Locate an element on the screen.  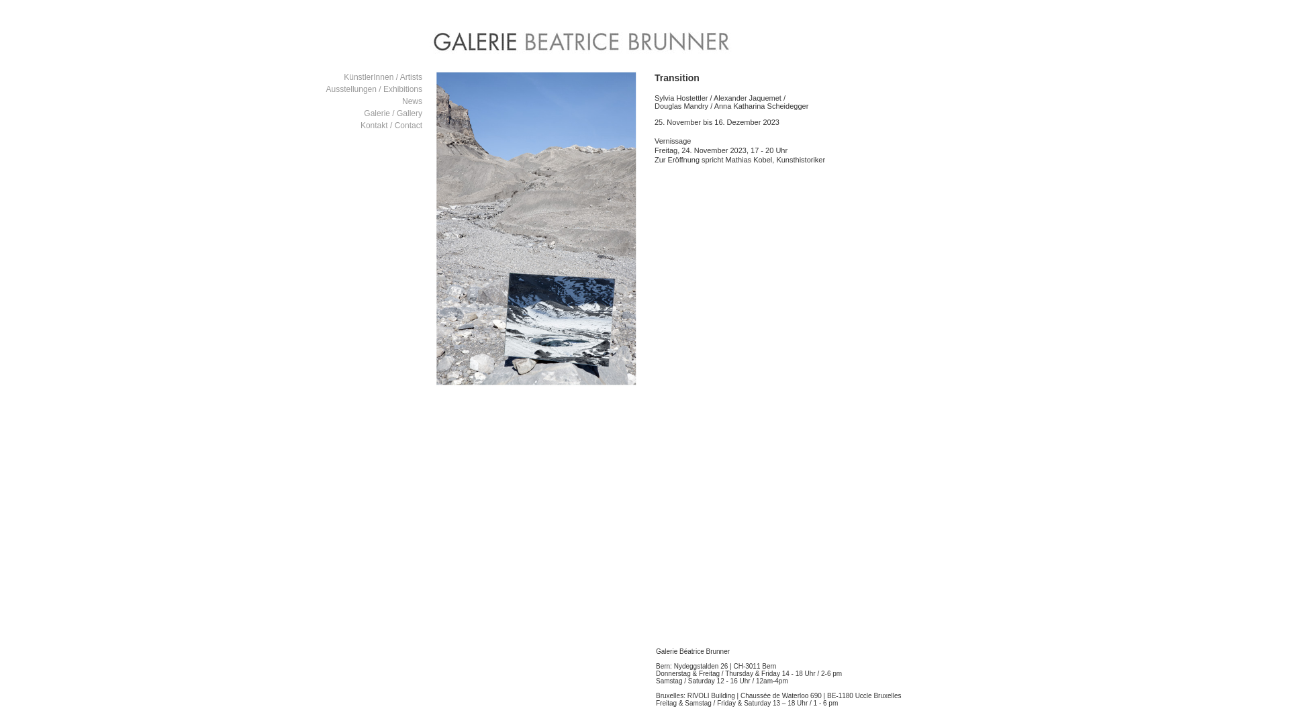
'Galerie / Gallery' is located at coordinates (364, 113).